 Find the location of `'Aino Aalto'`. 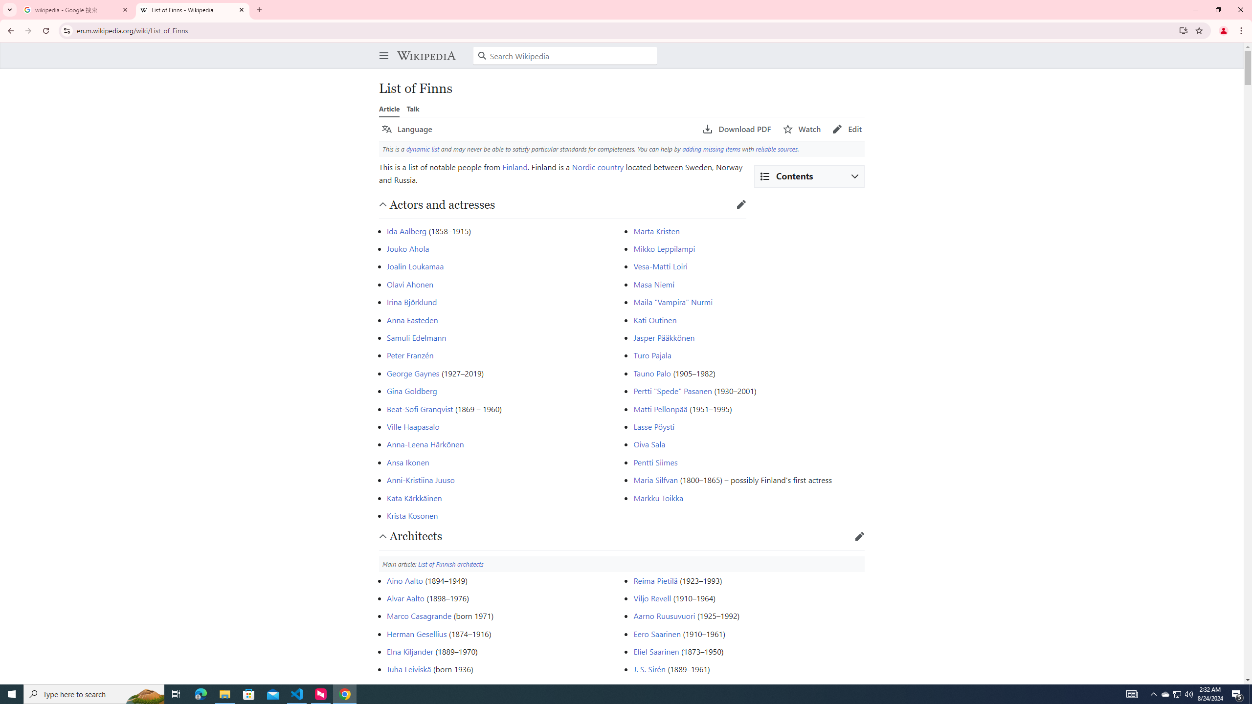

'Aino Aalto' is located at coordinates (404, 580).